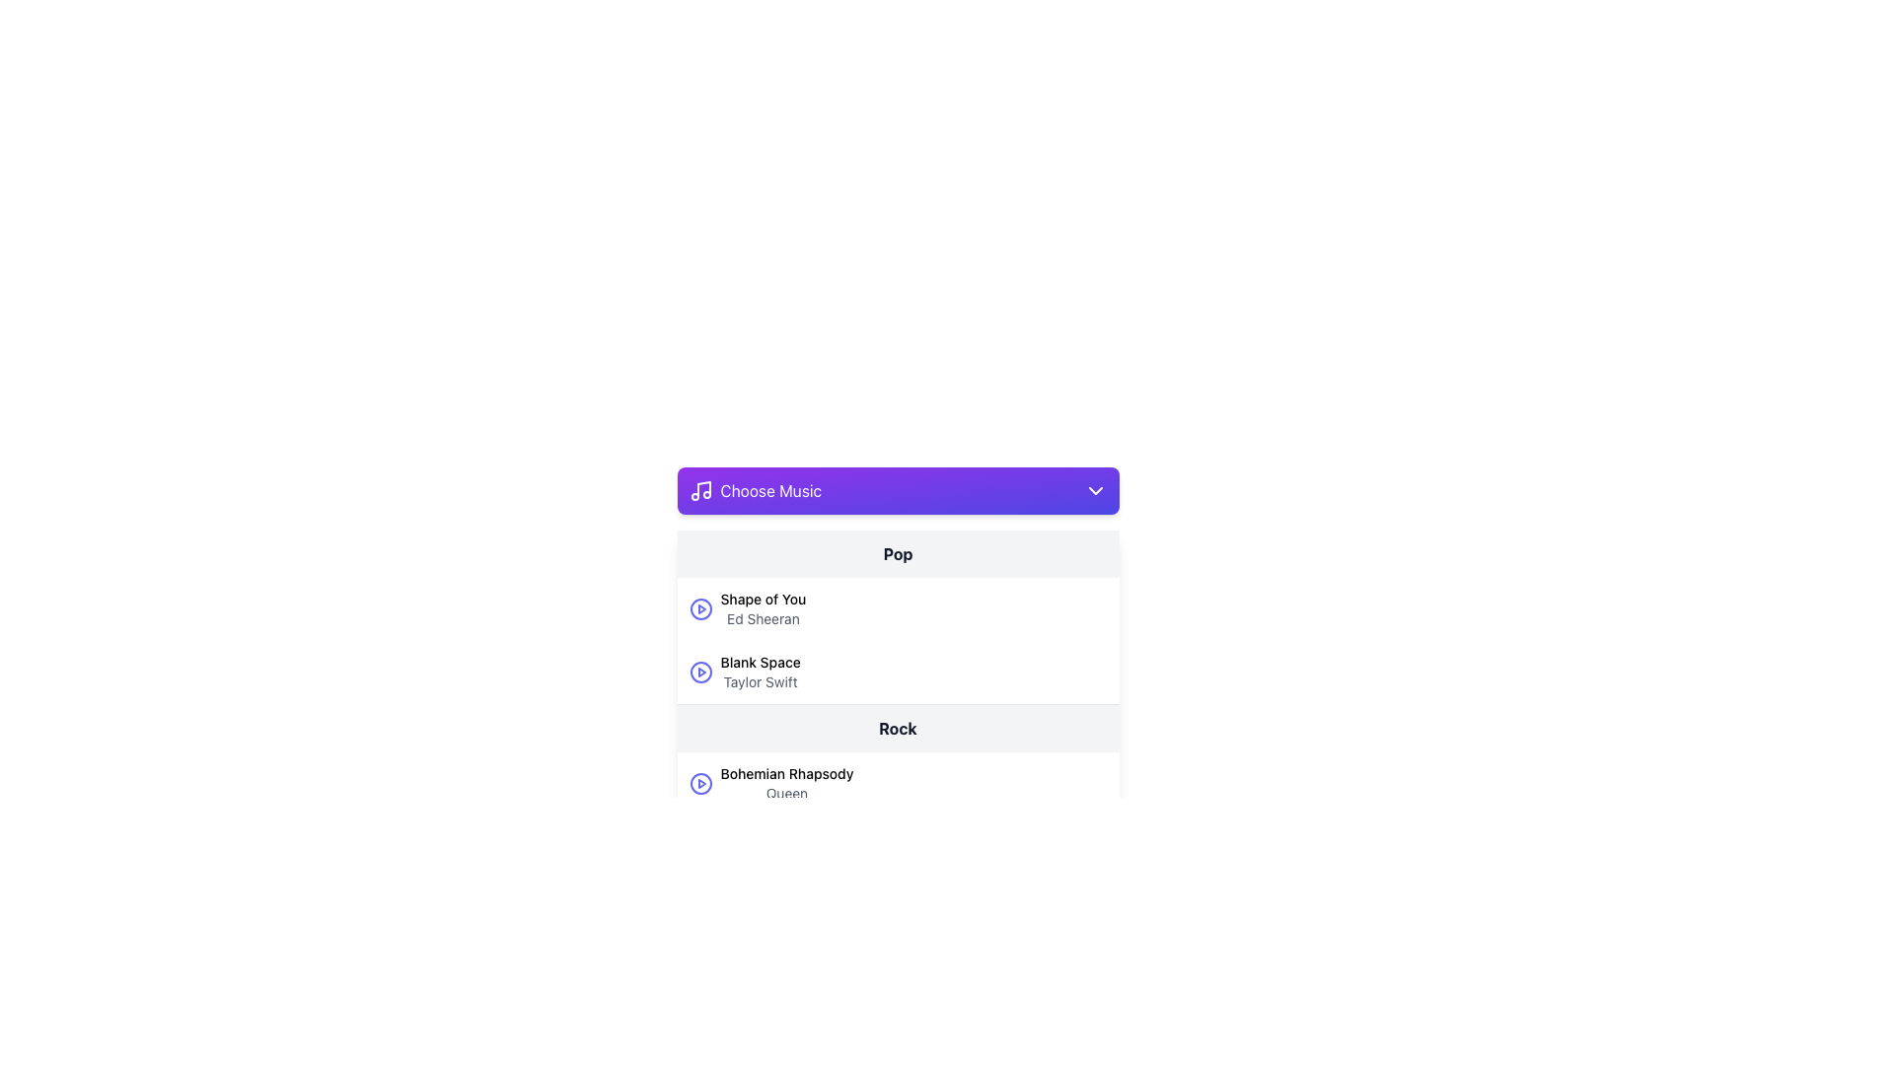 Image resolution: width=1894 pixels, height=1065 pixels. I want to click on on the first list item displaying the song title 'Bohemian Rhapsody' by 'Queen' under the 'Rock' section, so click(897, 815).